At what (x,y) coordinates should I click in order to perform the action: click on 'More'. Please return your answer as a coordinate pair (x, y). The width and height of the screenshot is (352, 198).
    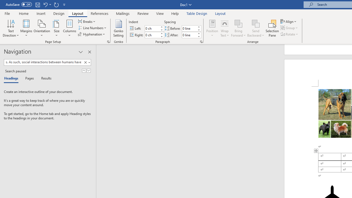
    Looking at the image, I should click on (198, 33).